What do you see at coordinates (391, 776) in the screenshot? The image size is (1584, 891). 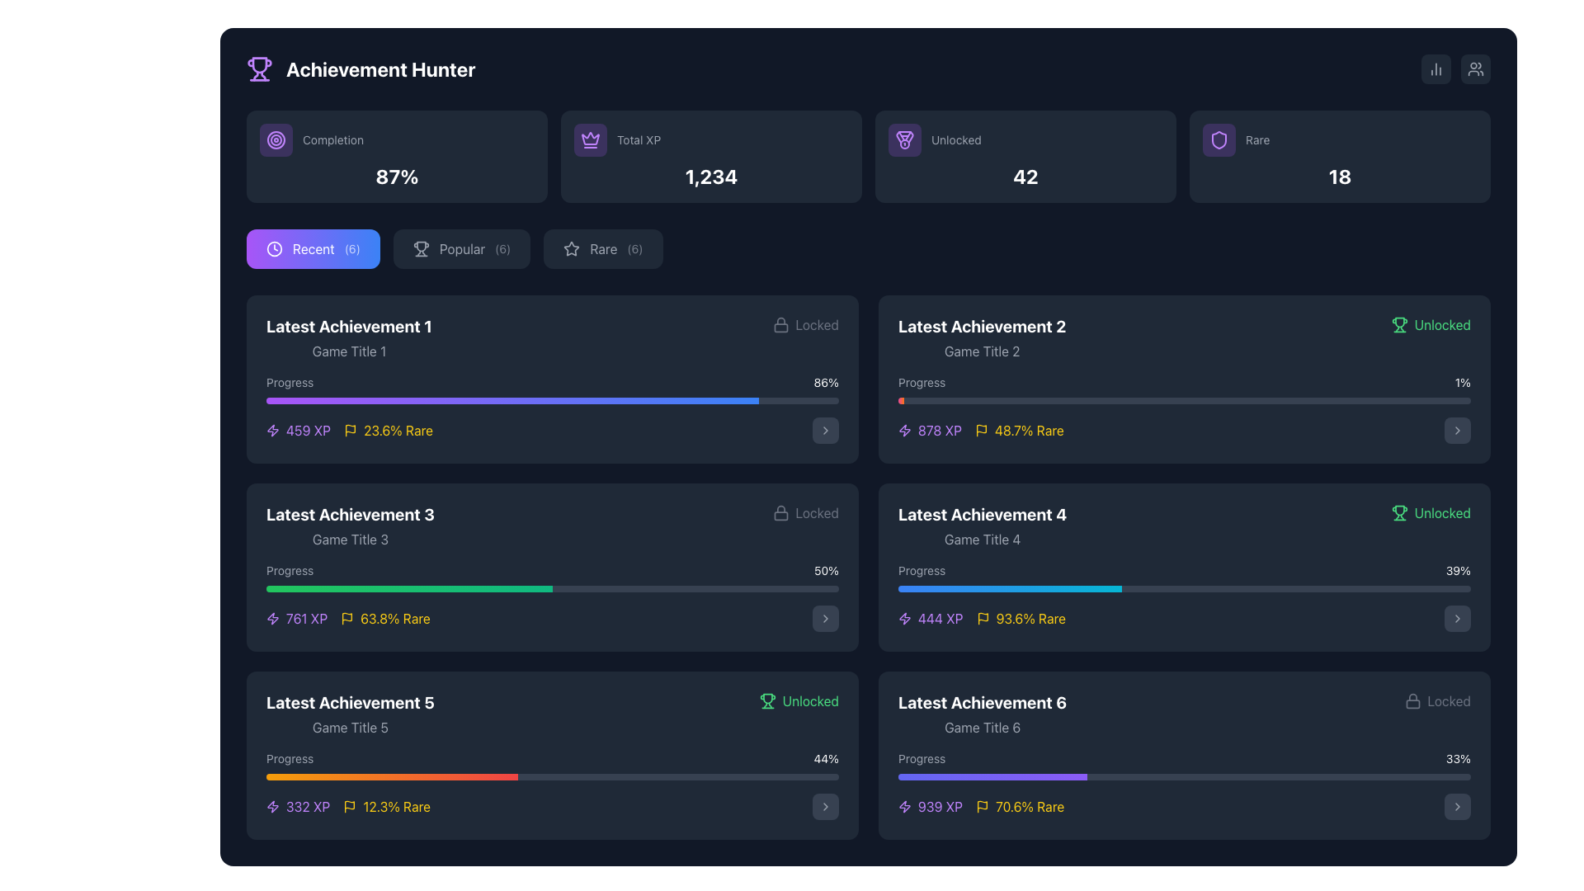 I see `the filled portion of the progress bar indicating the completion for 'Latest Achievement 5'` at bounding box center [391, 776].